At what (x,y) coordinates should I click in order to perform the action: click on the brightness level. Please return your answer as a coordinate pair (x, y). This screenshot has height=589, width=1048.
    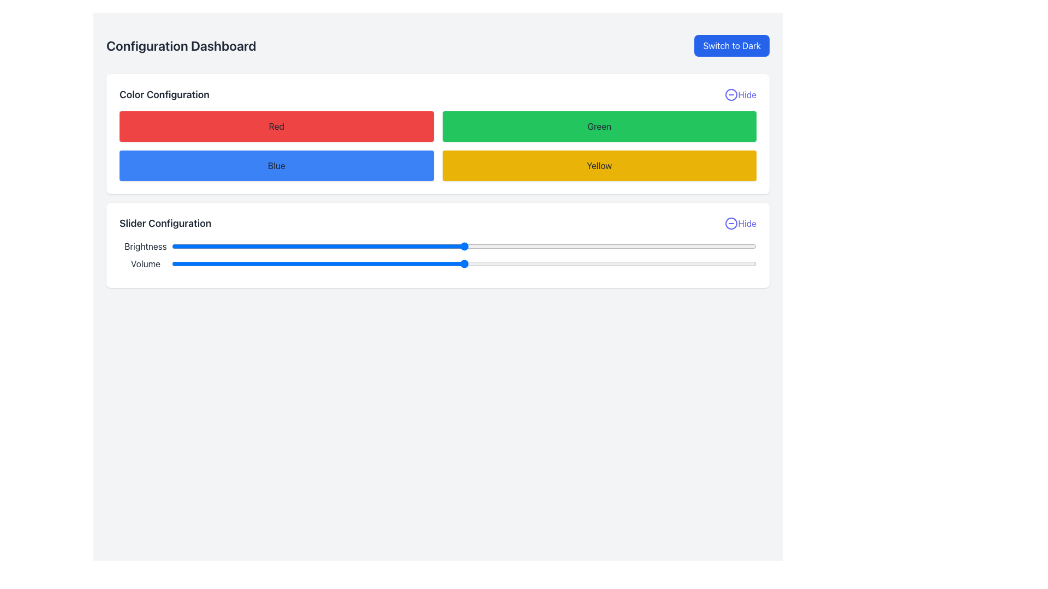
    Looking at the image, I should click on (235, 246).